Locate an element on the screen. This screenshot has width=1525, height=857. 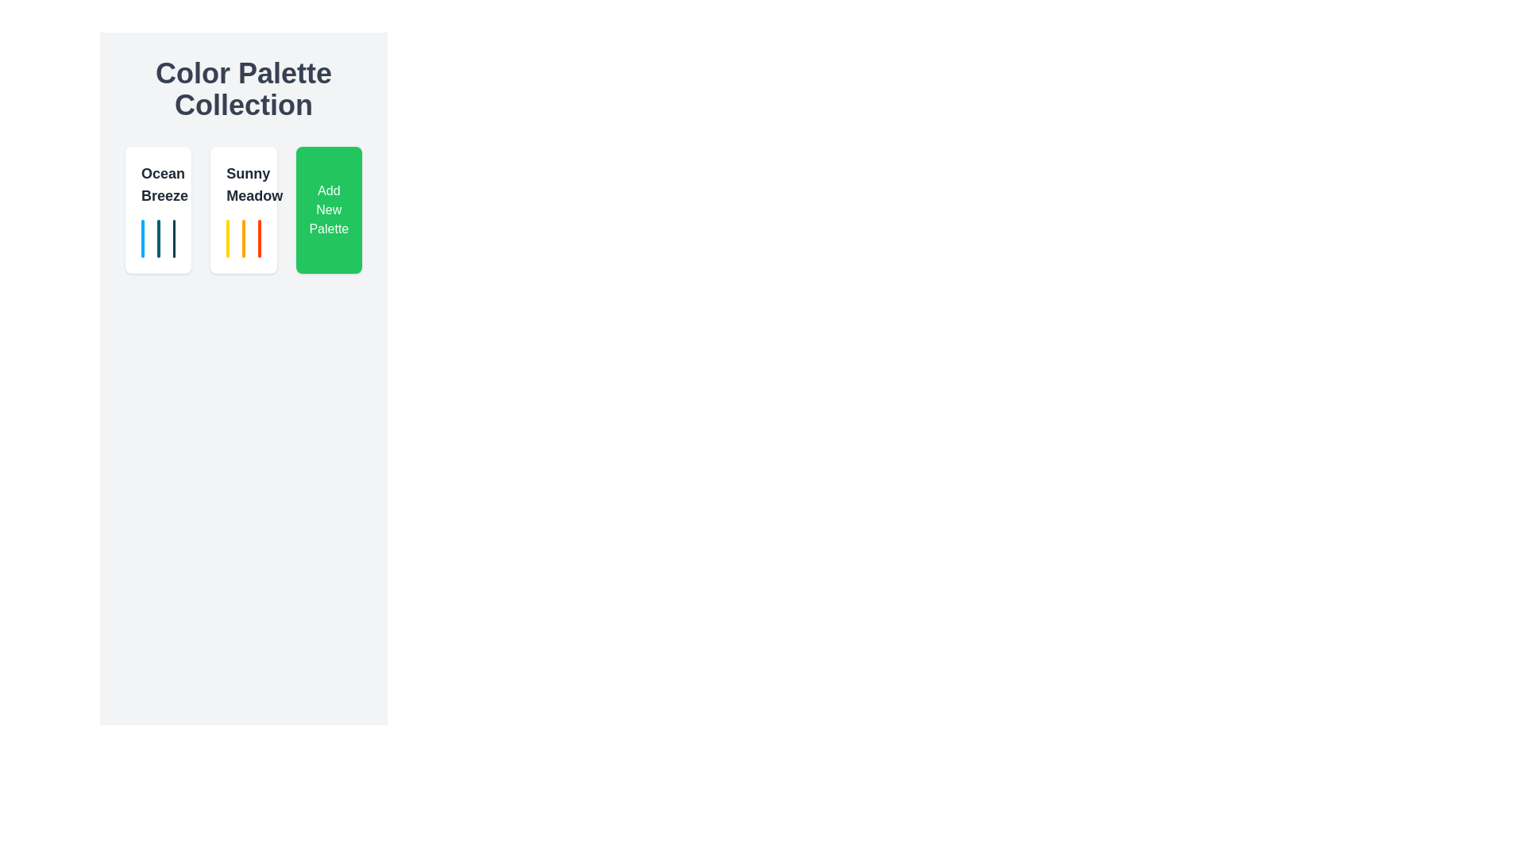
the orange color indicator square, which is the middle item in a group of three squares representing colors is located at coordinates (243, 238).